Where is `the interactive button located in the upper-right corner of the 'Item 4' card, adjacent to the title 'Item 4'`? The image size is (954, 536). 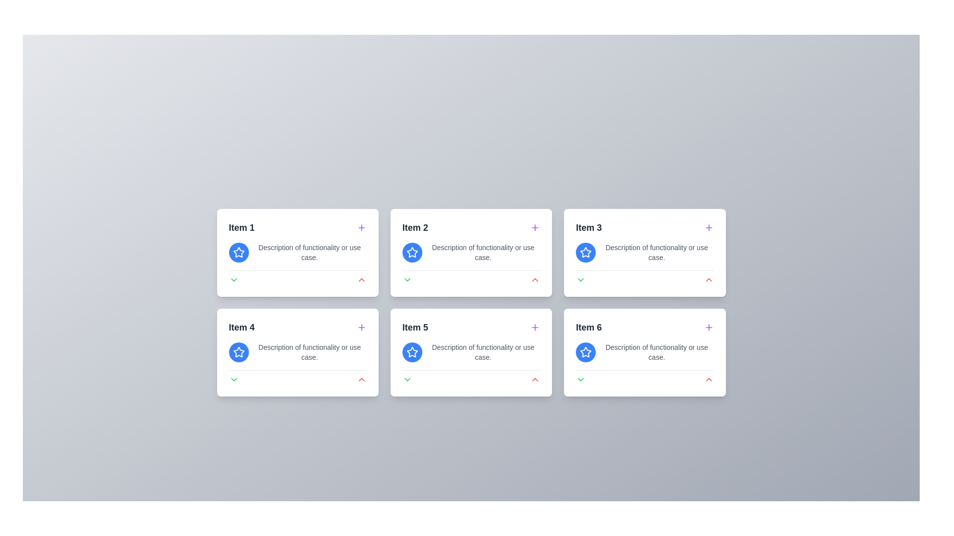 the interactive button located in the upper-right corner of the 'Item 4' card, adjacent to the title 'Item 4' is located at coordinates (361, 327).